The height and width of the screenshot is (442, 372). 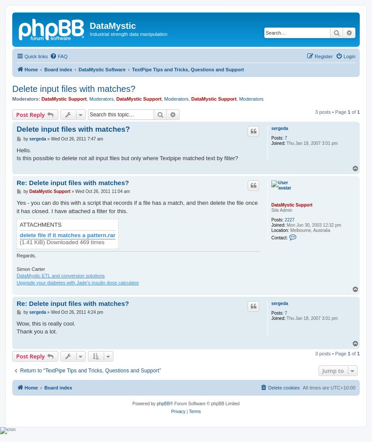 What do you see at coordinates (144, 403) in the screenshot?
I see `'Powered by'` at bounding box center [144, 403].